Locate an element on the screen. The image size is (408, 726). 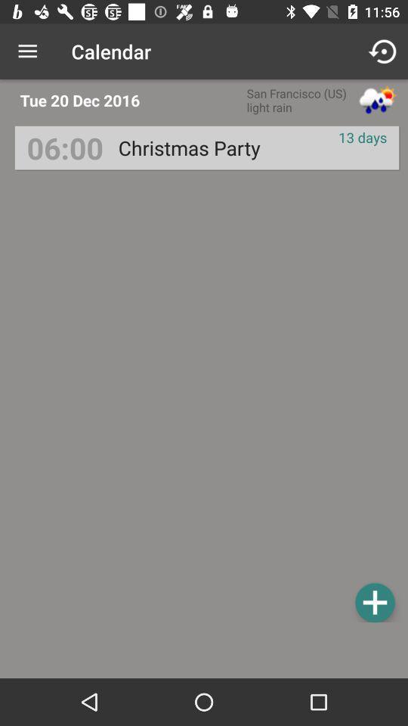
the 06:00 is located at coordinates (64, 147).